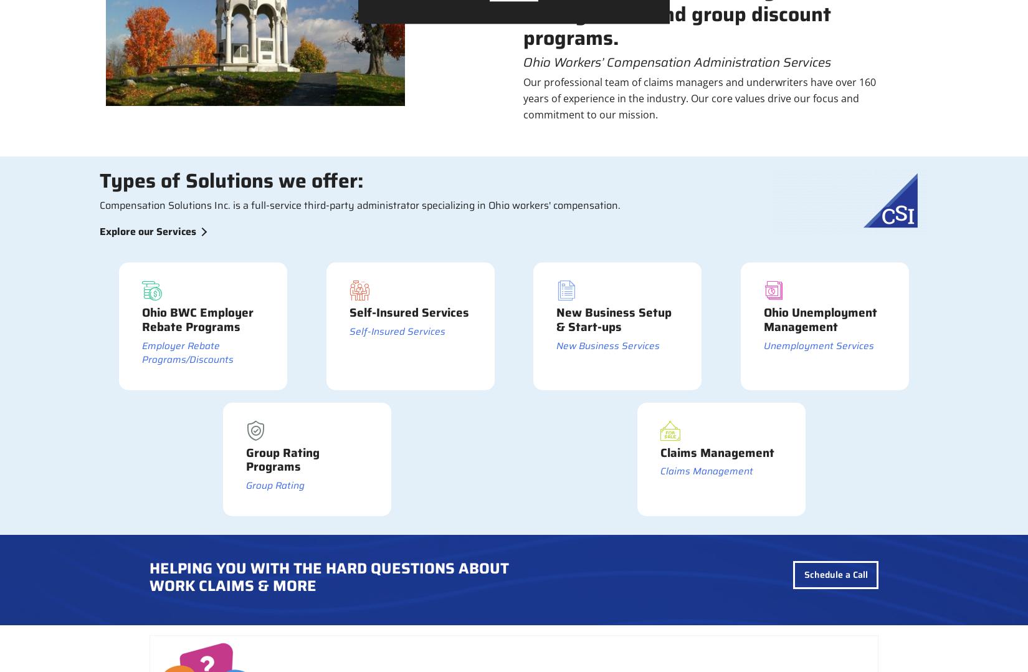 The image size is (1028, 672). Describe the element at coordinates (150, 576) in the screenshot. I see `'HELPING YOU WITH THE HARD QUESTIONS ABOUT WORK CLAIMS & MORE'` at that location.